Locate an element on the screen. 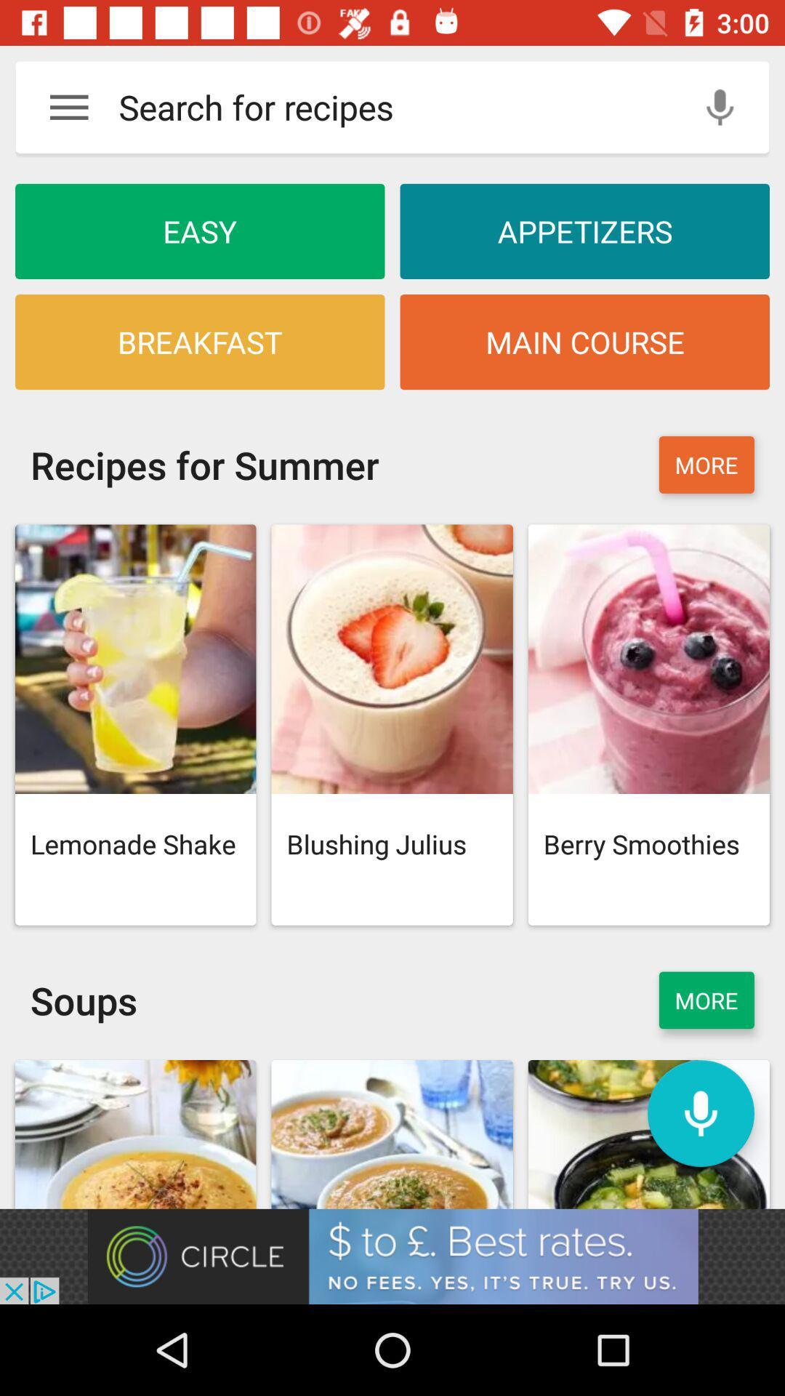  voice recording is located at coordinates (720, 106).